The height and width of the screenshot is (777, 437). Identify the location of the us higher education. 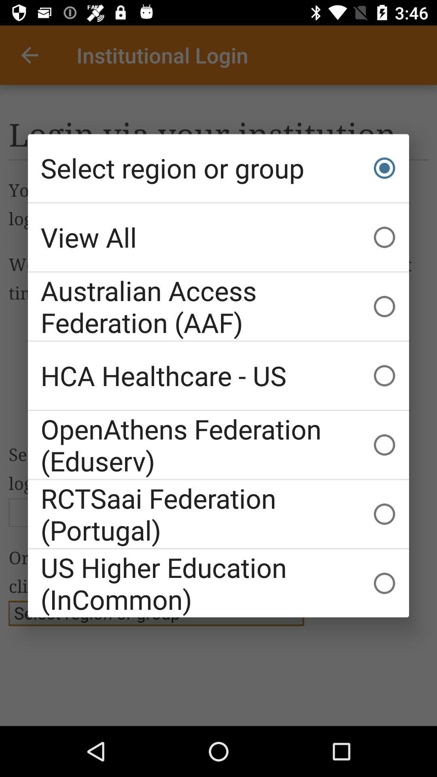
(218, 583).